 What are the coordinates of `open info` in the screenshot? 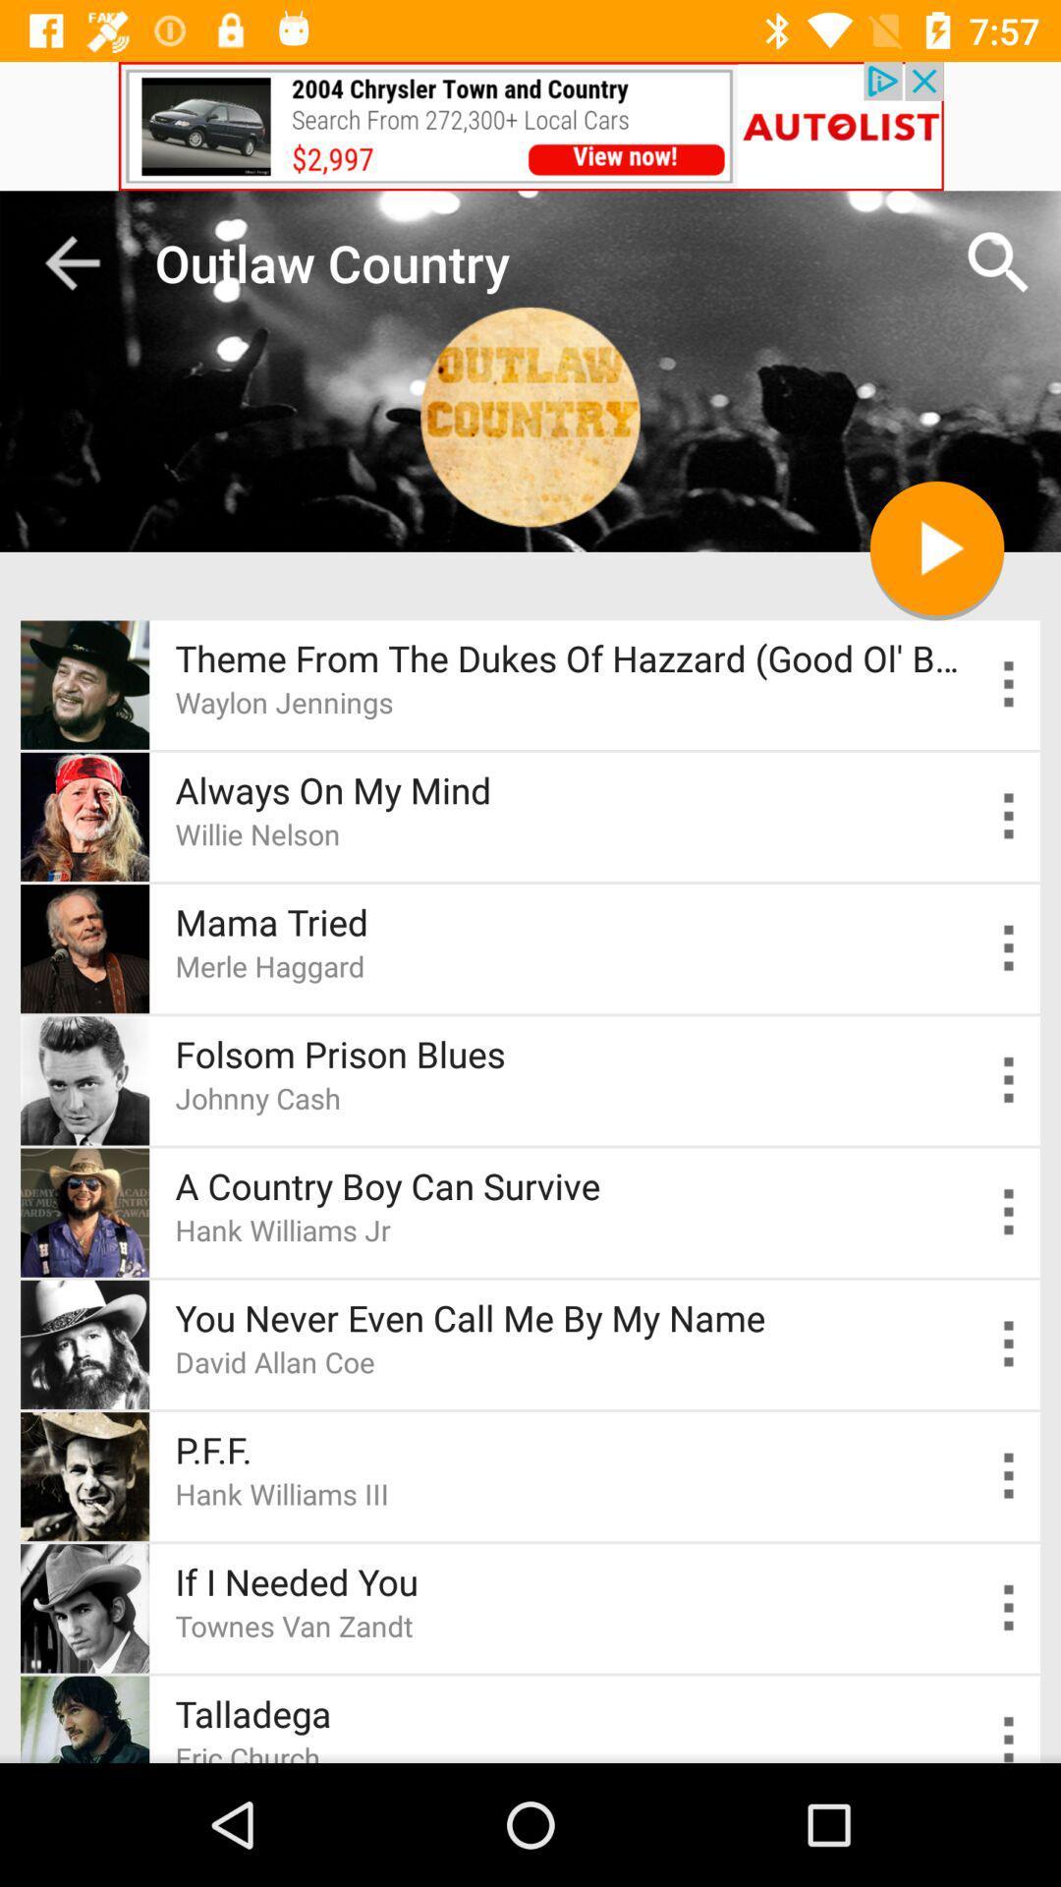 It's located at (1009, 816).